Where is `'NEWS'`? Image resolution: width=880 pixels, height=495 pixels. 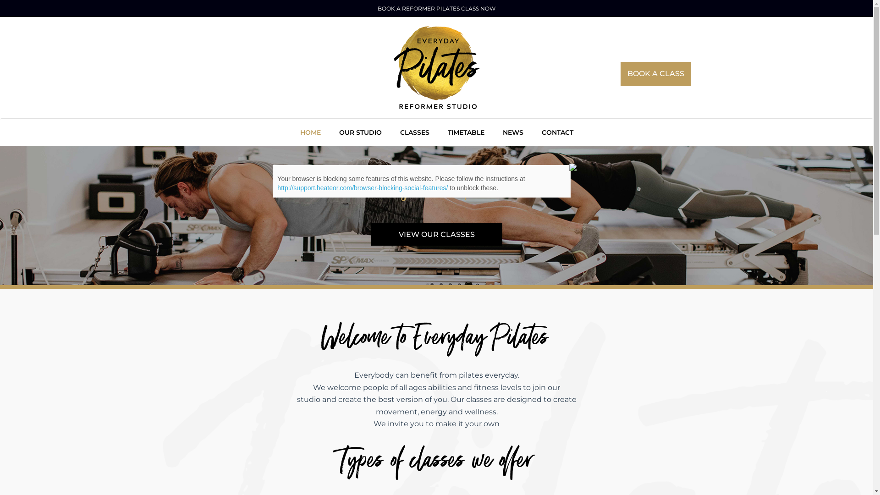
'NEWS' is located at coordinates (512, 131).